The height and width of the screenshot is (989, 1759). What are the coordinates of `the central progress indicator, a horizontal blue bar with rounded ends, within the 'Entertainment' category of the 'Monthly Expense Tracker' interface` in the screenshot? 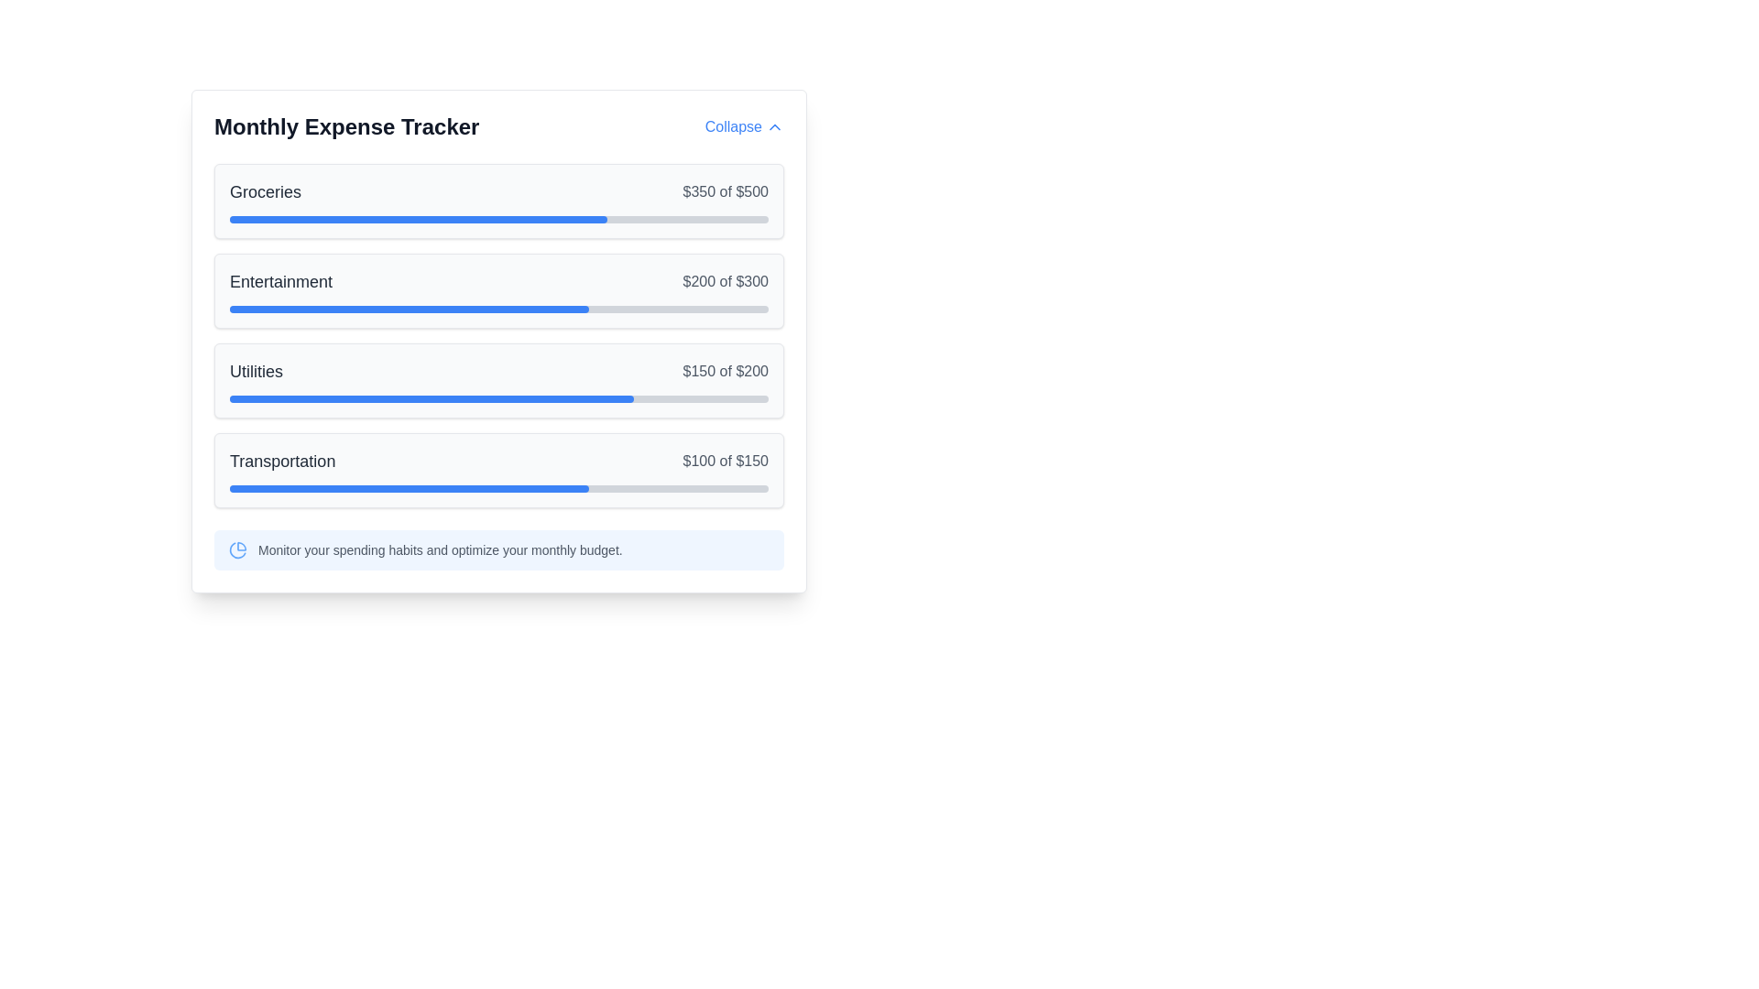 It's located at (408, 309).